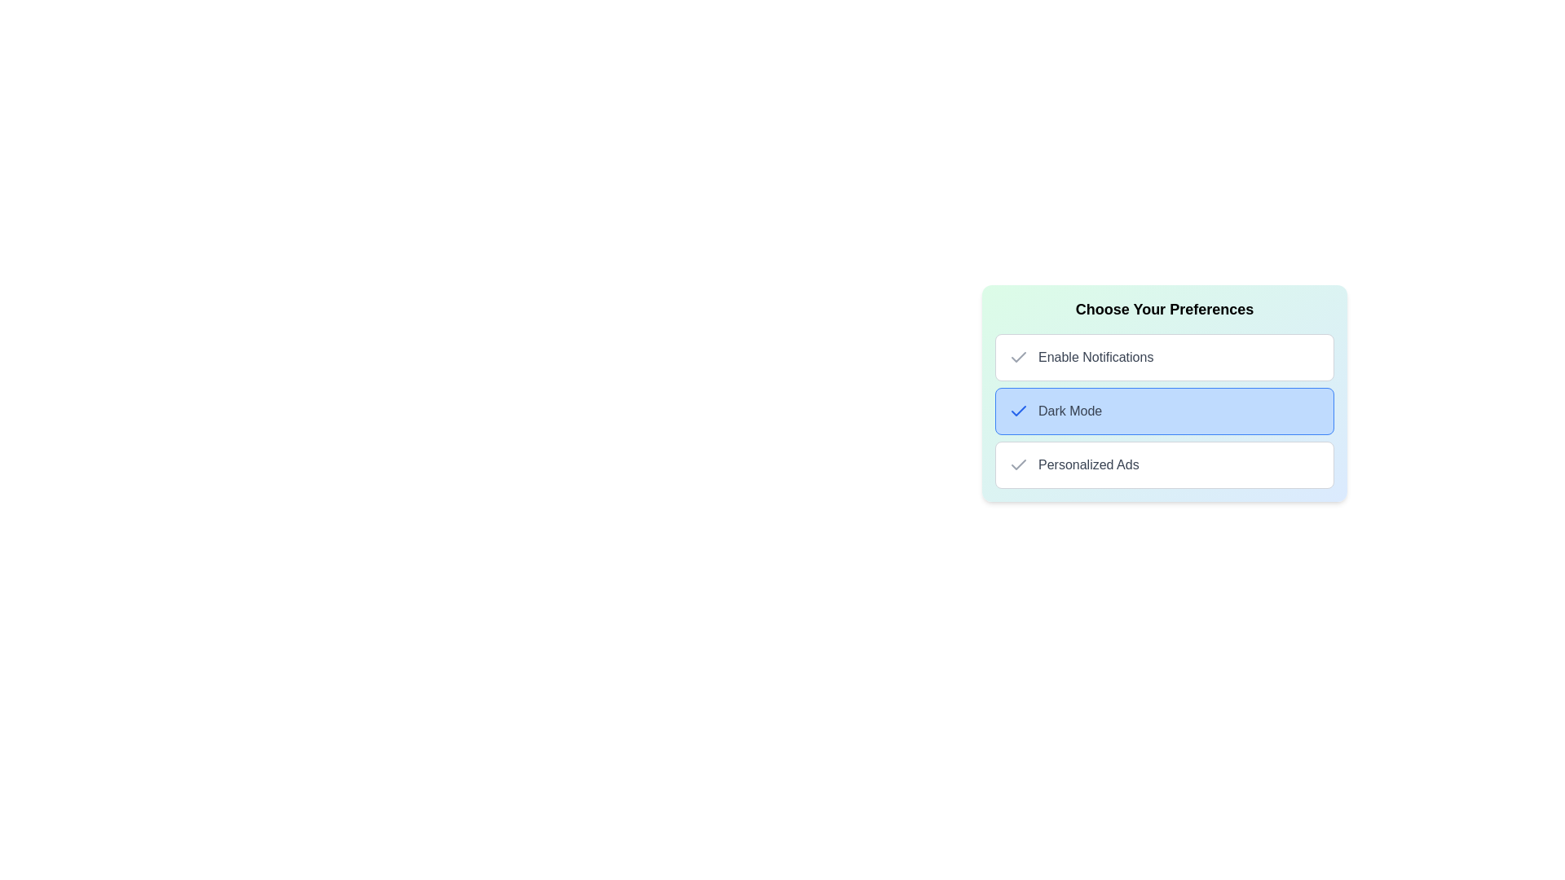  Describe the element at coordinates (1017, 357) in the screenshot. I see `the Checkbox for 'Enable Notifications' to check or uncheck its selection status` at that location.